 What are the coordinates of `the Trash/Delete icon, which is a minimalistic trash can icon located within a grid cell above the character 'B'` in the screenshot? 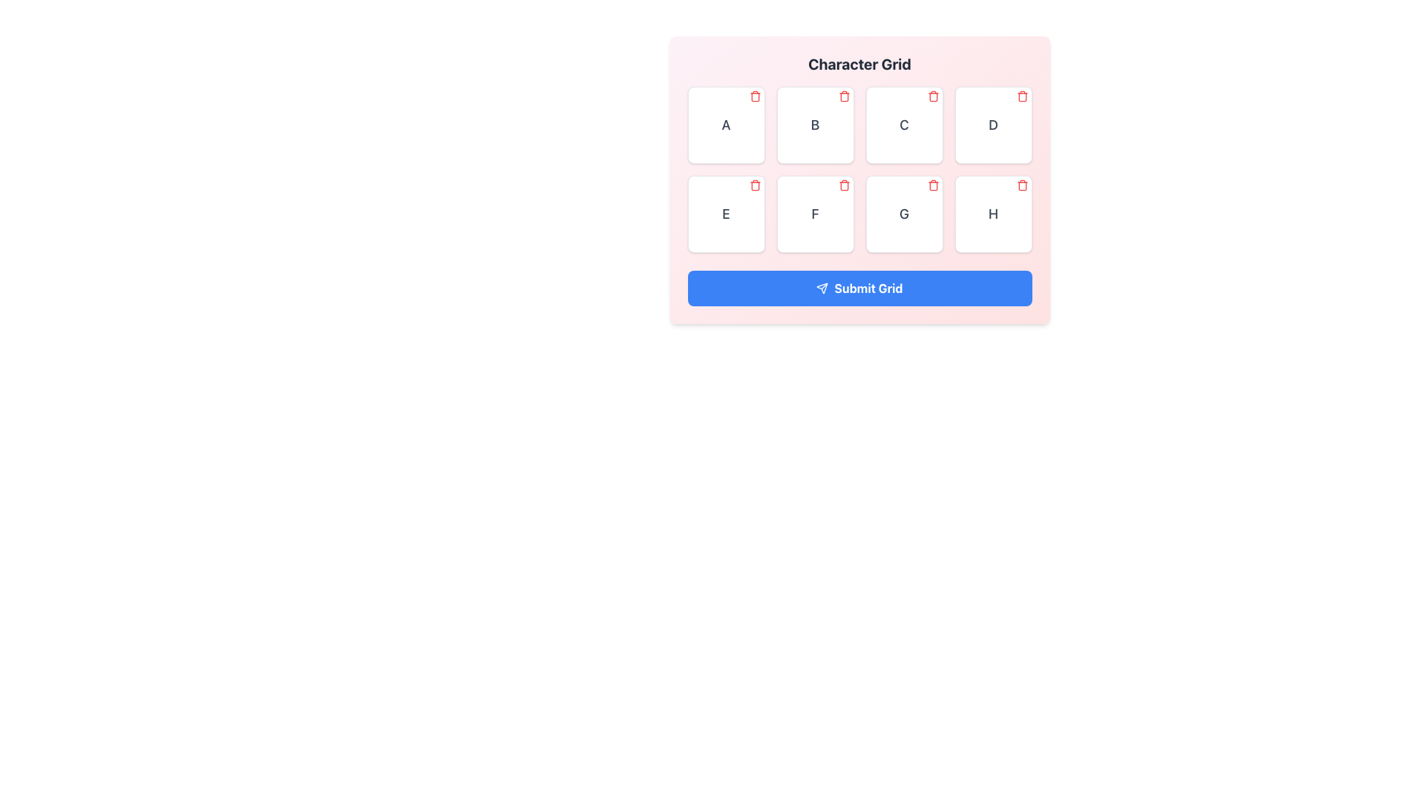 It's located at (844, 97).